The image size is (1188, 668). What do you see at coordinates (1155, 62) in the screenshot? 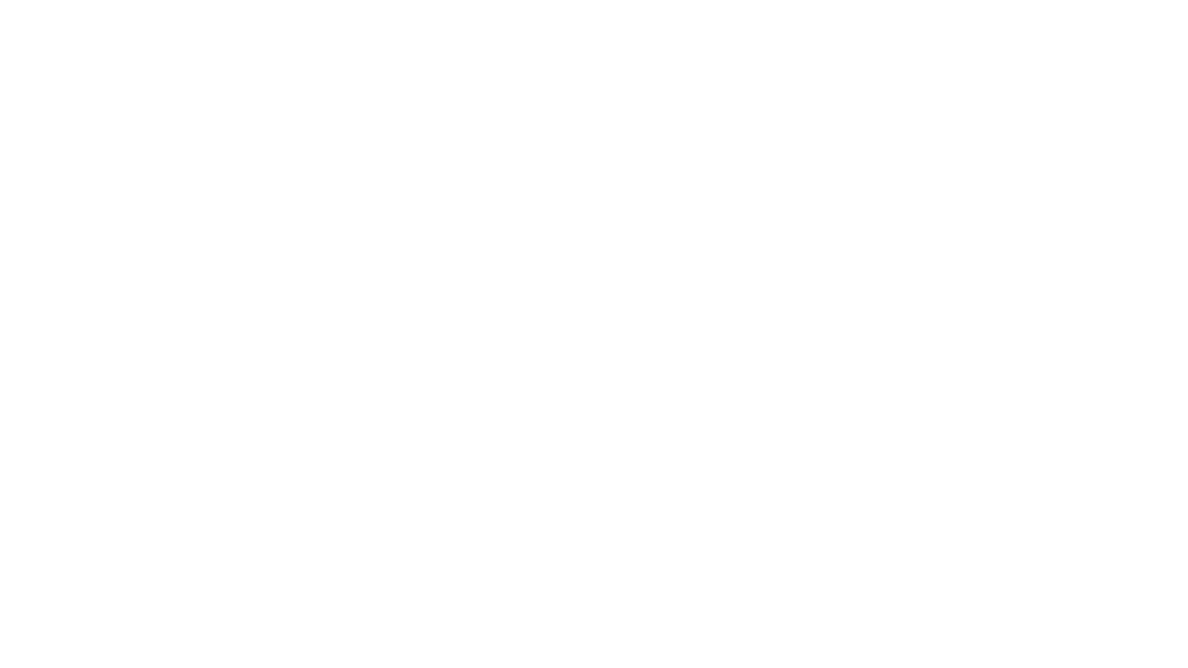
I see `Download` at bounding box center [1155, 62].